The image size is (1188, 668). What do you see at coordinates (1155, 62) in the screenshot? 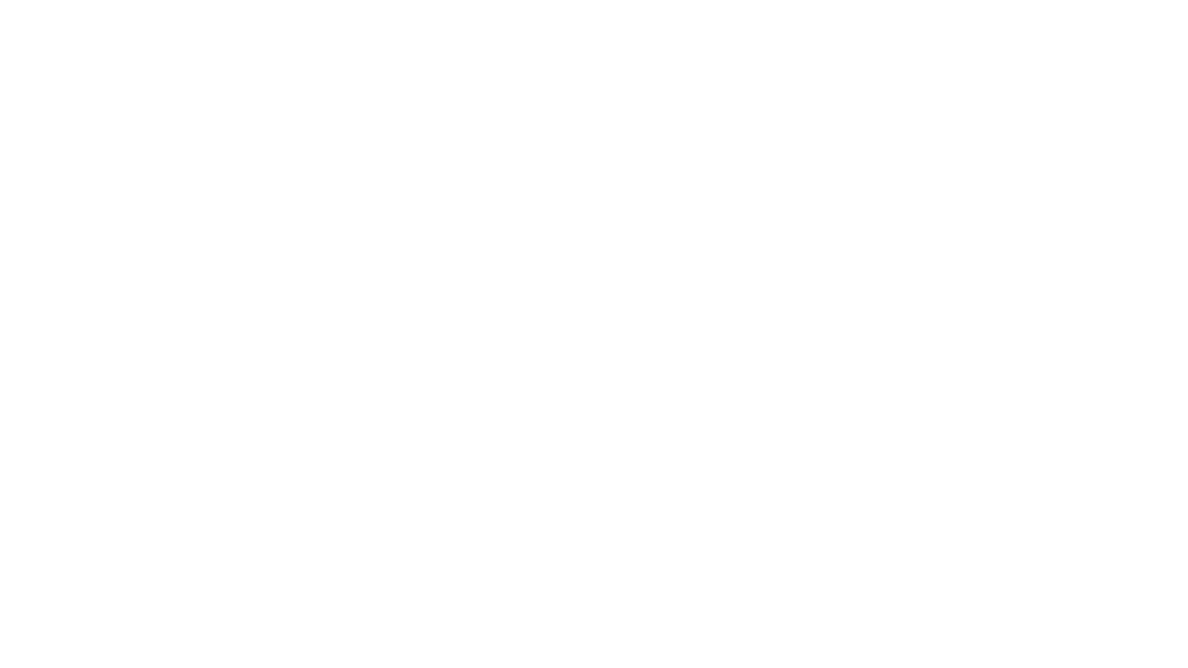
I see `Download` at bounding box center [1155, 62].